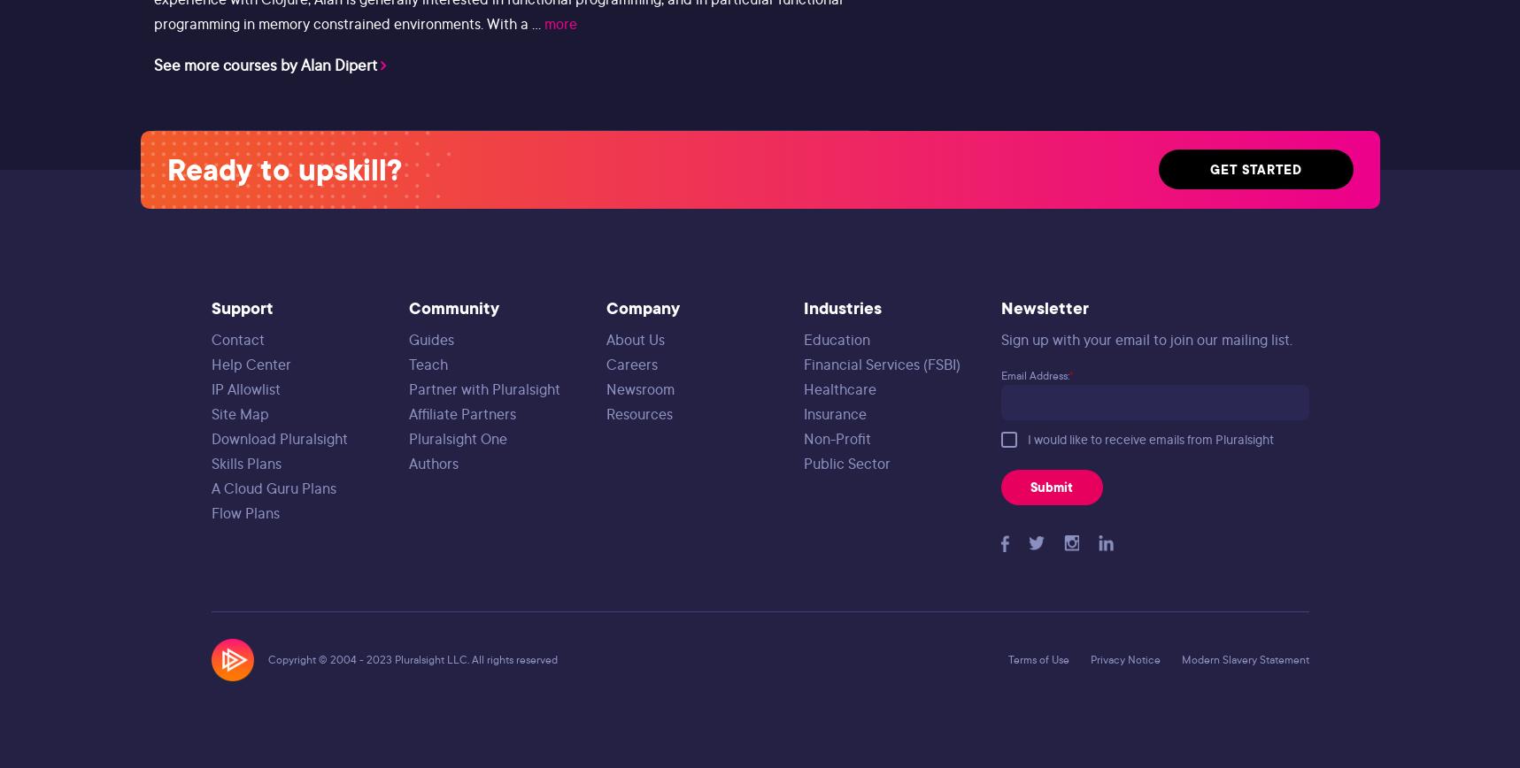 This screenshot has width=1520, height=768. I want to click on 'more', so click(559, 23).